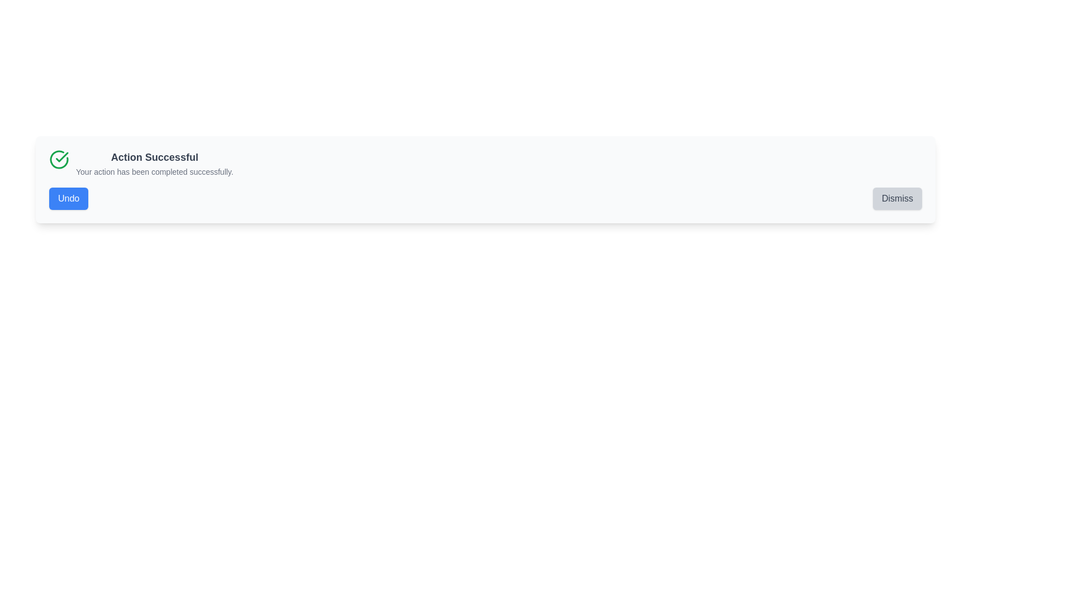  What do you see at coordinates (68, 198) in the screenshot?
I see `the 'Undo' button located on the left side of the horizontal bar at the bottom of the interface` at bounding box center [68, 198].